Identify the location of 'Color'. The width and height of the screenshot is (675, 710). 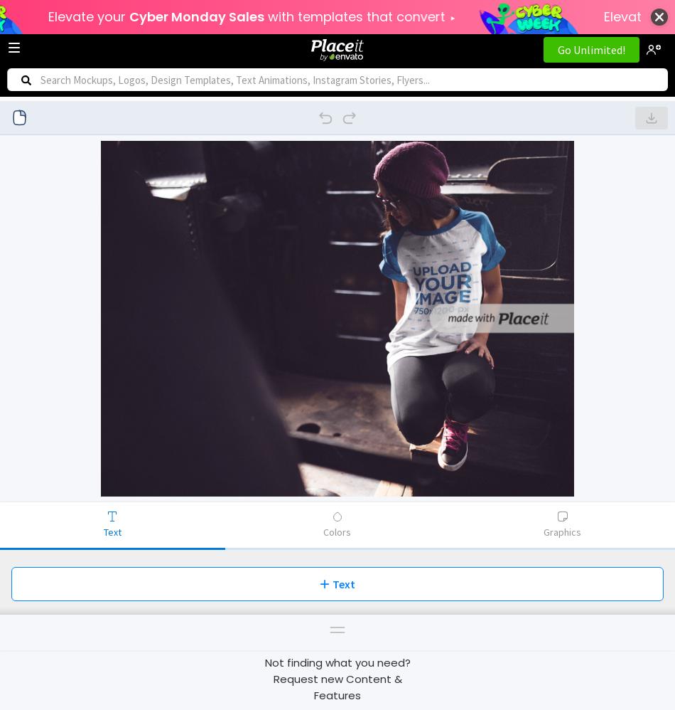
(475, 364).